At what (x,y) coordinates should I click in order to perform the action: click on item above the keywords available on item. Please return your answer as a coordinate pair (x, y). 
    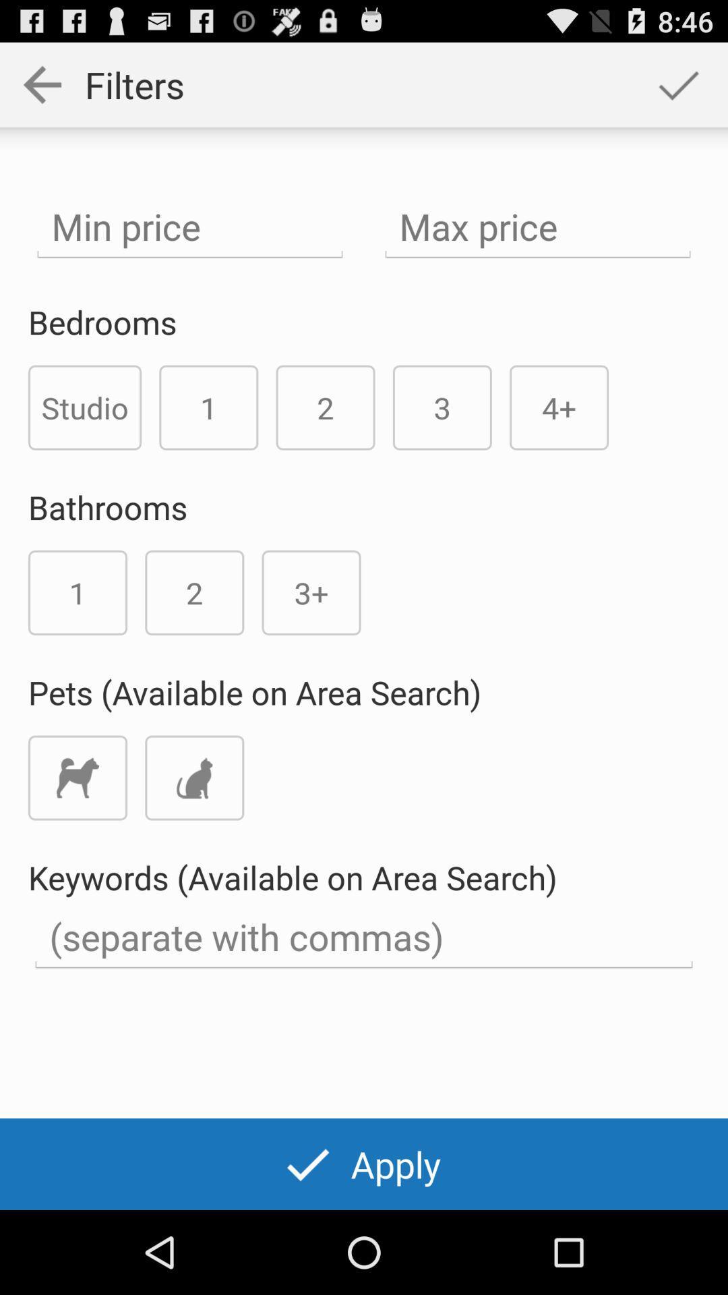
    Looking at the image, I should click on (78, 778).